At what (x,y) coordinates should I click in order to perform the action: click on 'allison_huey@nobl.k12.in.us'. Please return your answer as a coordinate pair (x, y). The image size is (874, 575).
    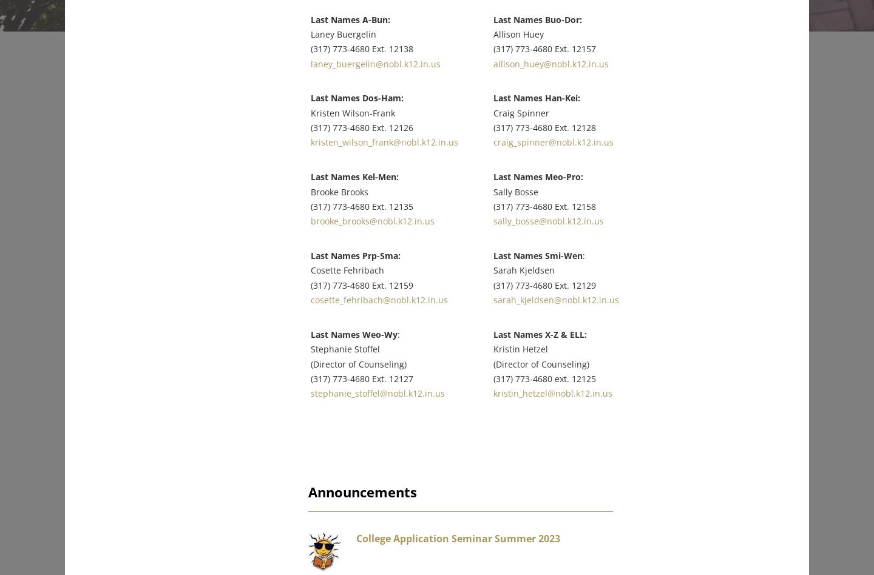
    Looking at the image, I should click on (563, 55).